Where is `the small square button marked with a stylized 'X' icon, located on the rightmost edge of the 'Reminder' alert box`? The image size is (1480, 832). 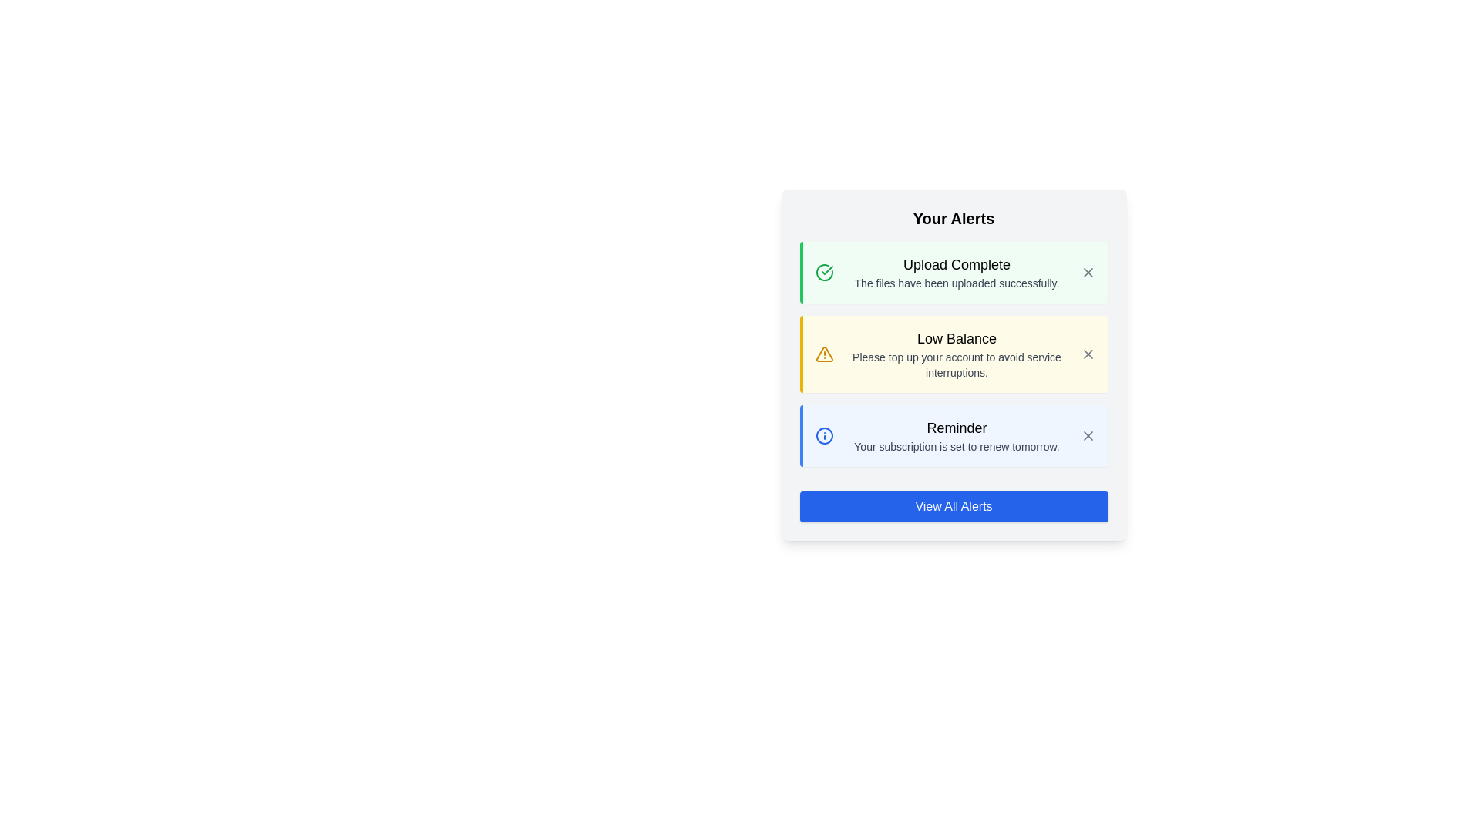 the small square button marked with a stylized 'X' icon, located on the rightmost edge of the 'Reminder' alert box is located at coordinates (1087, 436).